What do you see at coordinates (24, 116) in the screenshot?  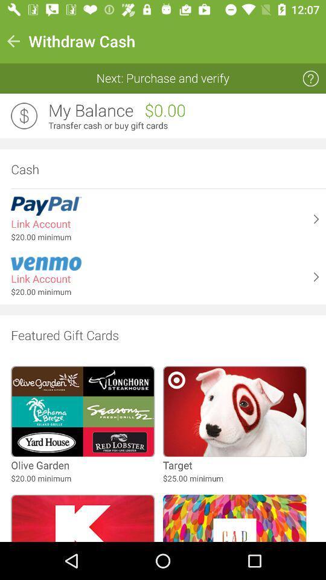 I see `the item to the left of my balance item` at bounding box center [24, 116].